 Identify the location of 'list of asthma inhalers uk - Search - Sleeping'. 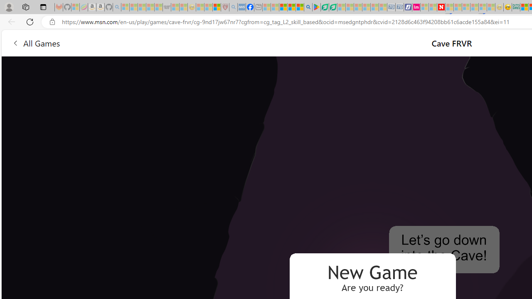
(233, 7).